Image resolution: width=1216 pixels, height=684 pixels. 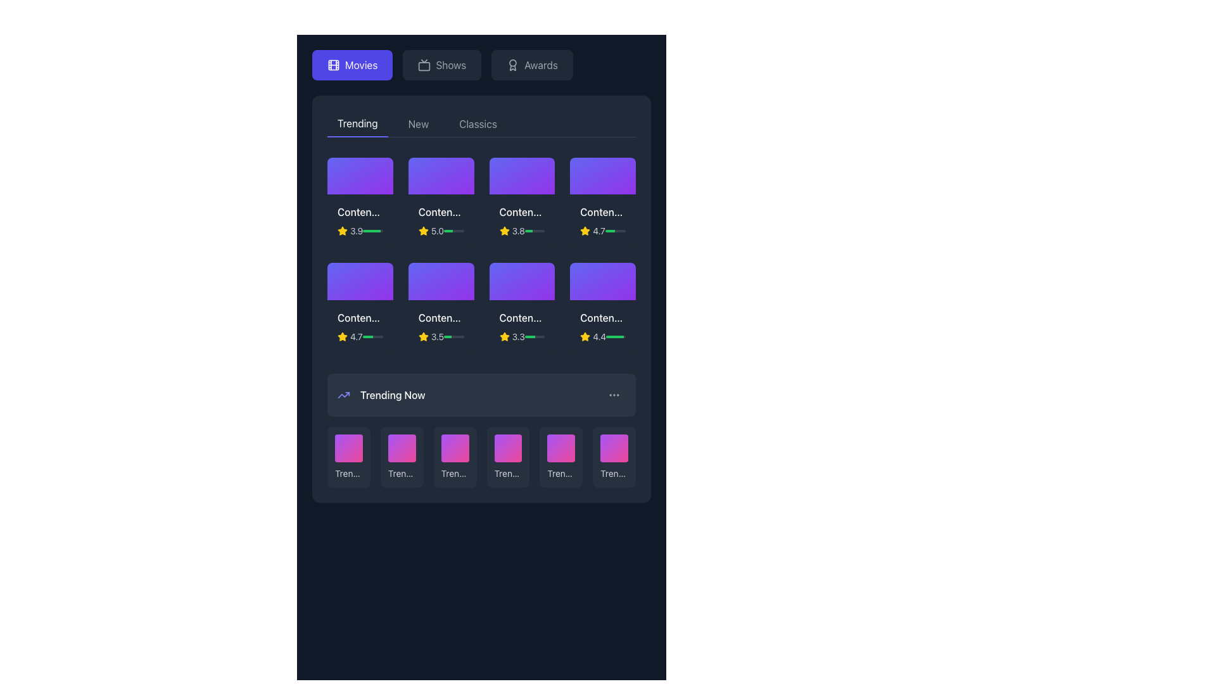 What do you see at coordinates (522, 326) in the screenshot?
I see `the card representing a movie or show in the second row, fourth column of the 'Trending' category to interact with it` at bounding box center [522, 326].